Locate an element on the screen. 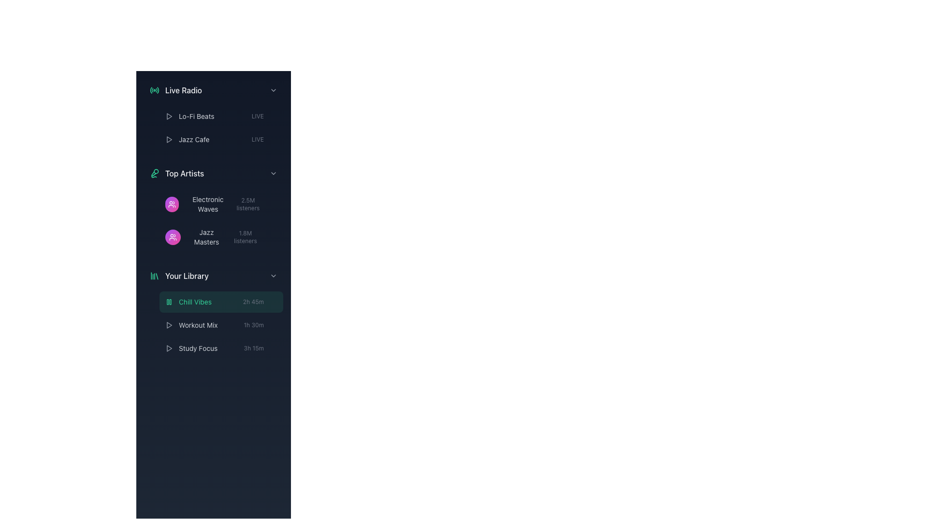  the chevron icon located at the far-right side of the 'Your Library' section is located at coordinates (273, 275).